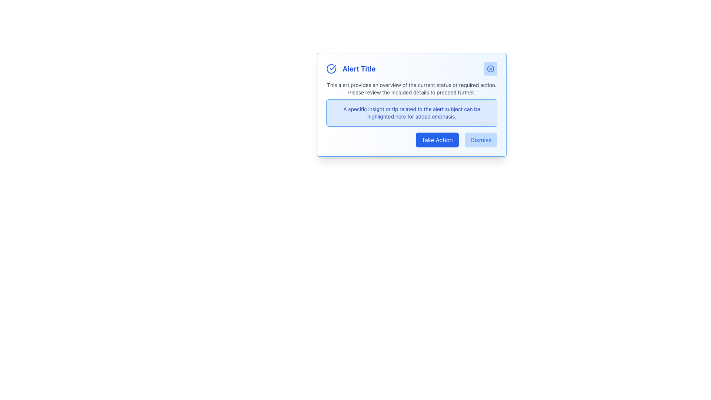 This screenshot has height=400, width=711. I want to click on the alert box that displays an alert message with a structured layout including a title, details, and action buttons, so click(411, 104).